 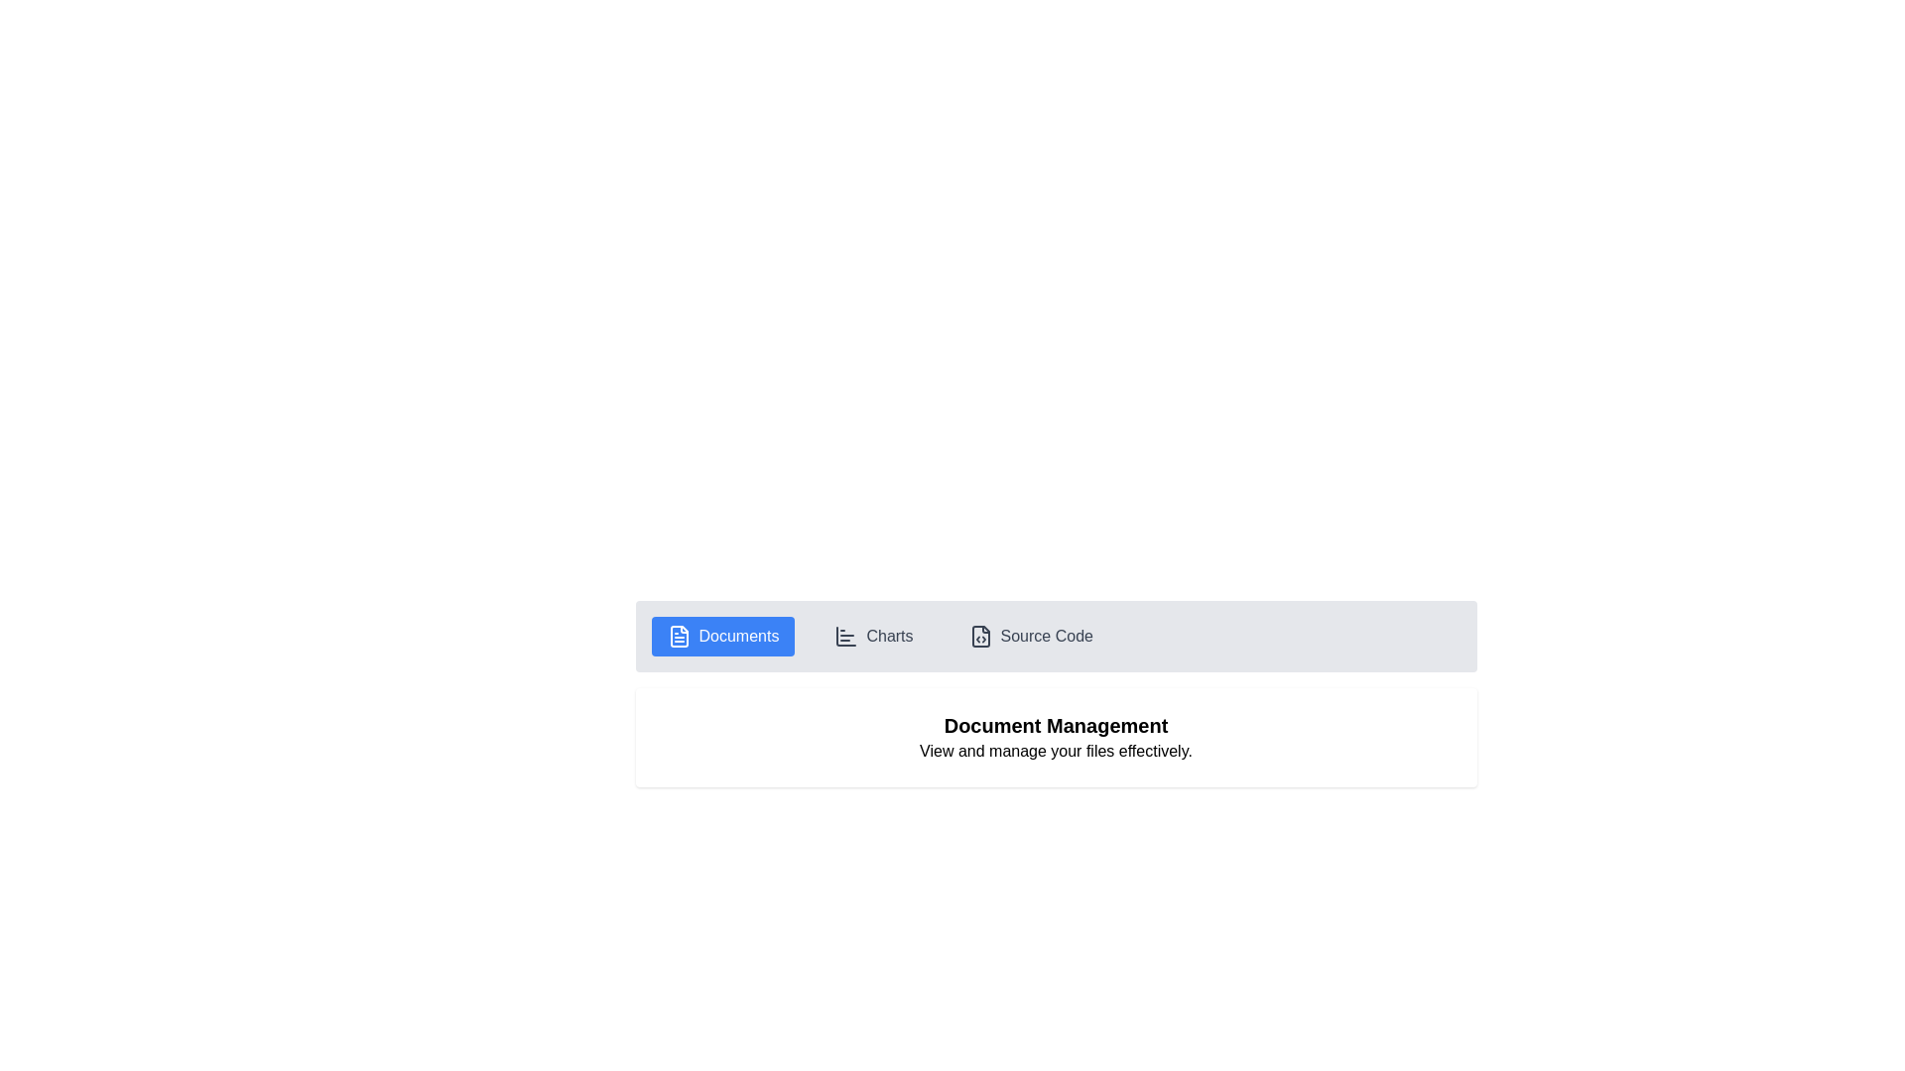 I want to click on the 'Source Code' button, which is a rounded gray button with a document icon and code symbol, positioned as the third button in a horizontal navigation row, so click(x=1031, y=636).